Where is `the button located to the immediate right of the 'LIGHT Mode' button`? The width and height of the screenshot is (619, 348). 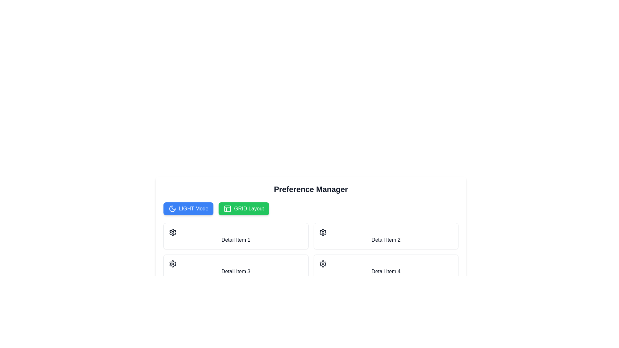 the button located to the immediate right of the 'LIGHT Mode' button is located at coordinates (243, 209).